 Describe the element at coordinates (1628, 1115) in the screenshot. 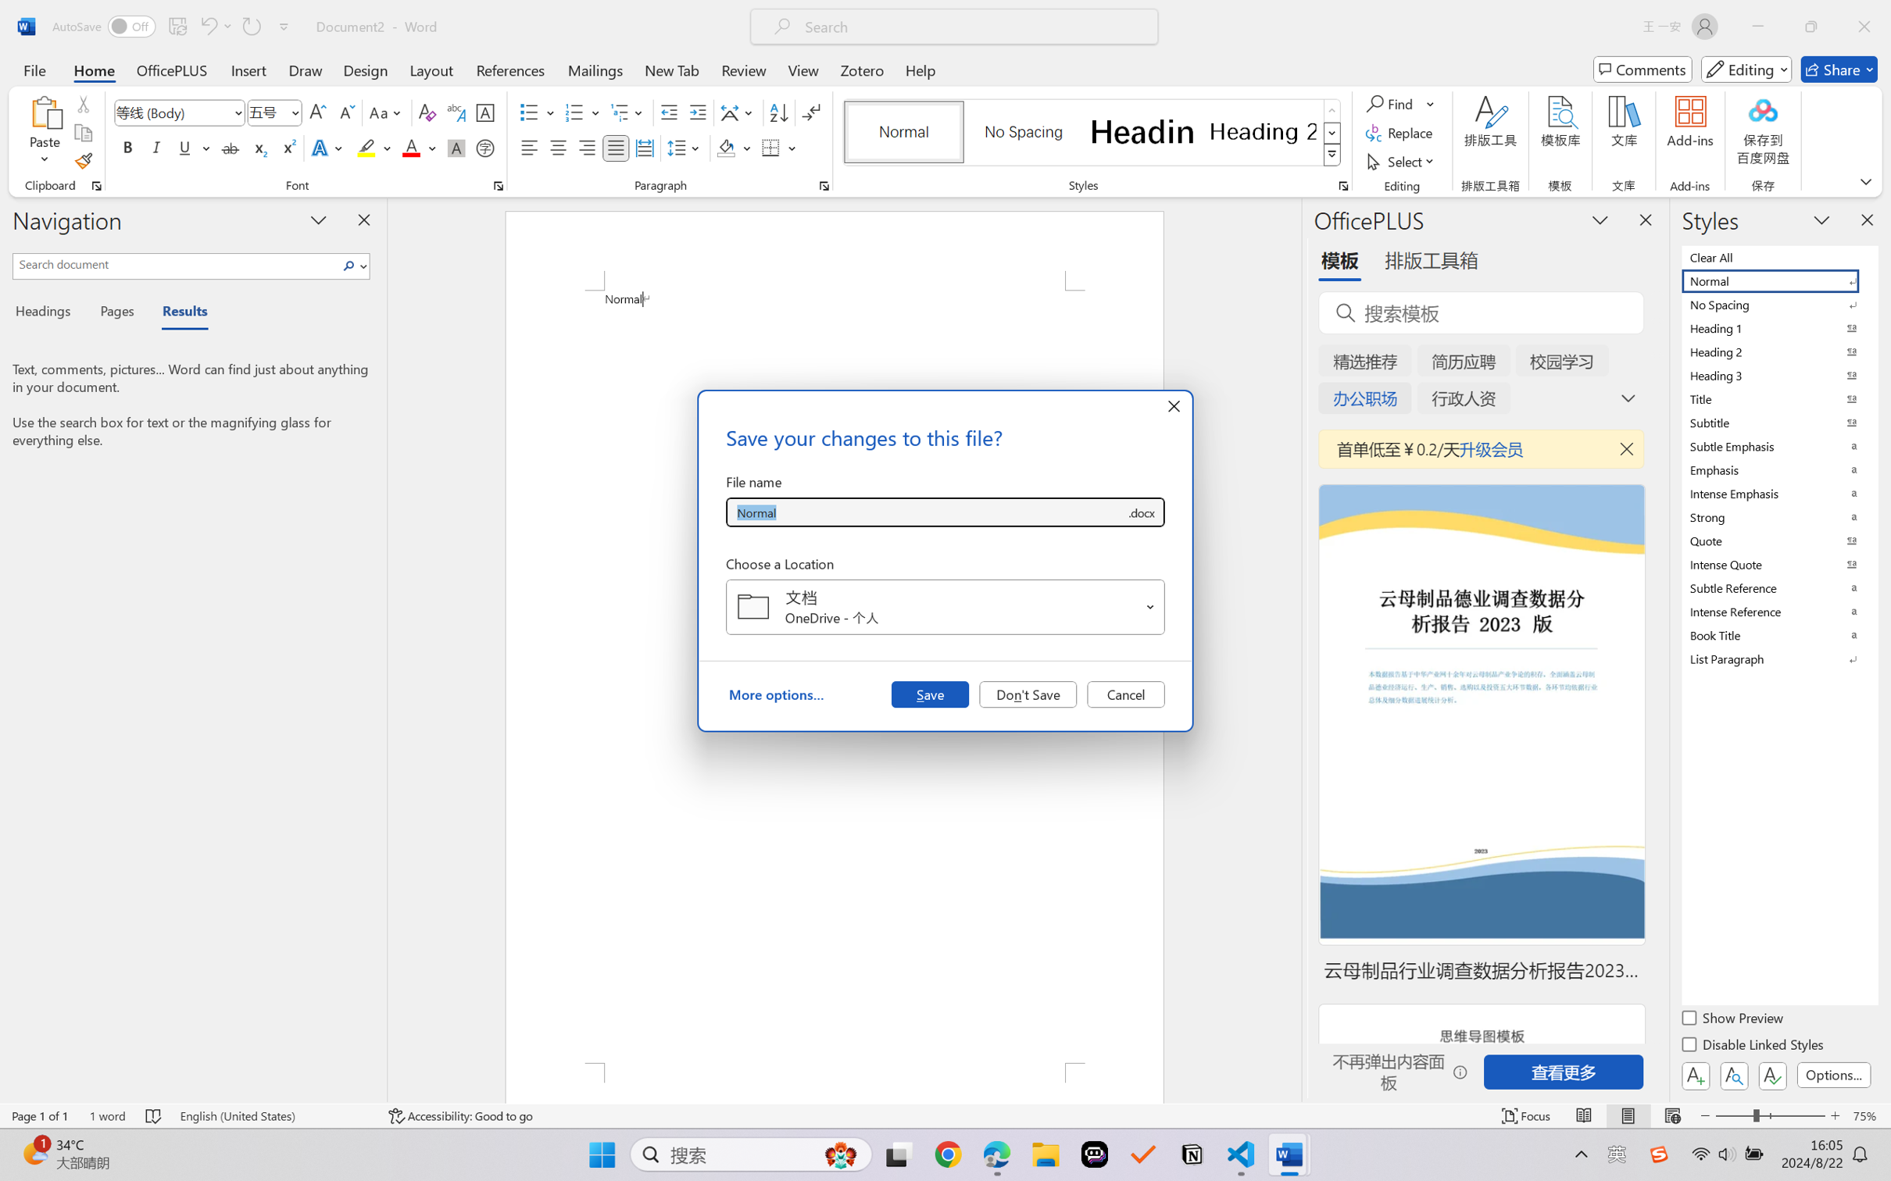

I see `'Print Layout'` at that location.